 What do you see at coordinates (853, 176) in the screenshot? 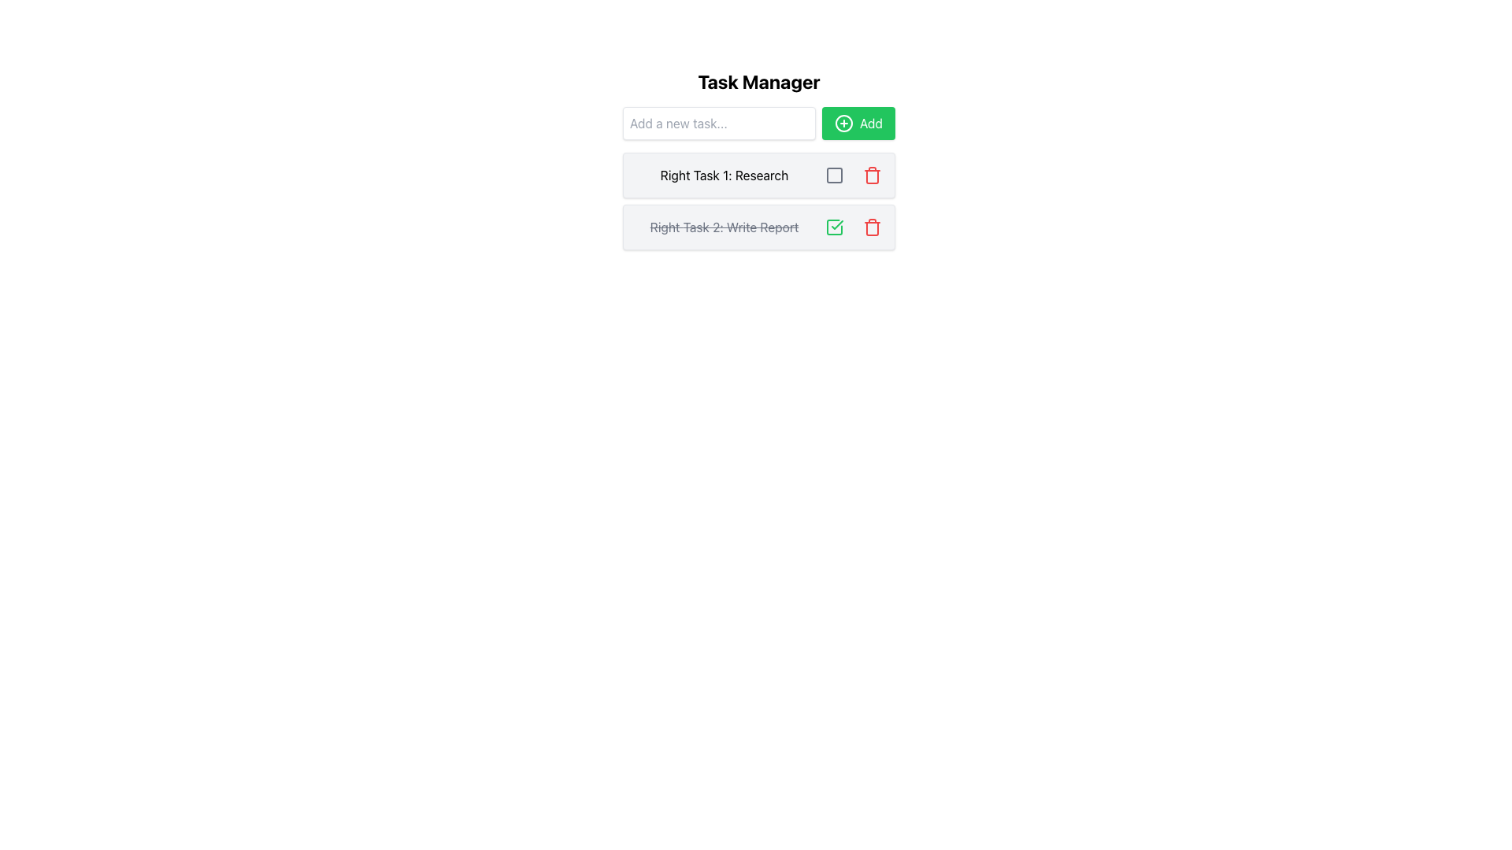
I see `the checkbox for the 'Right Task 1: Research' task, located immediately to the left of the red trash can icon` at bounding box center [853, 176].